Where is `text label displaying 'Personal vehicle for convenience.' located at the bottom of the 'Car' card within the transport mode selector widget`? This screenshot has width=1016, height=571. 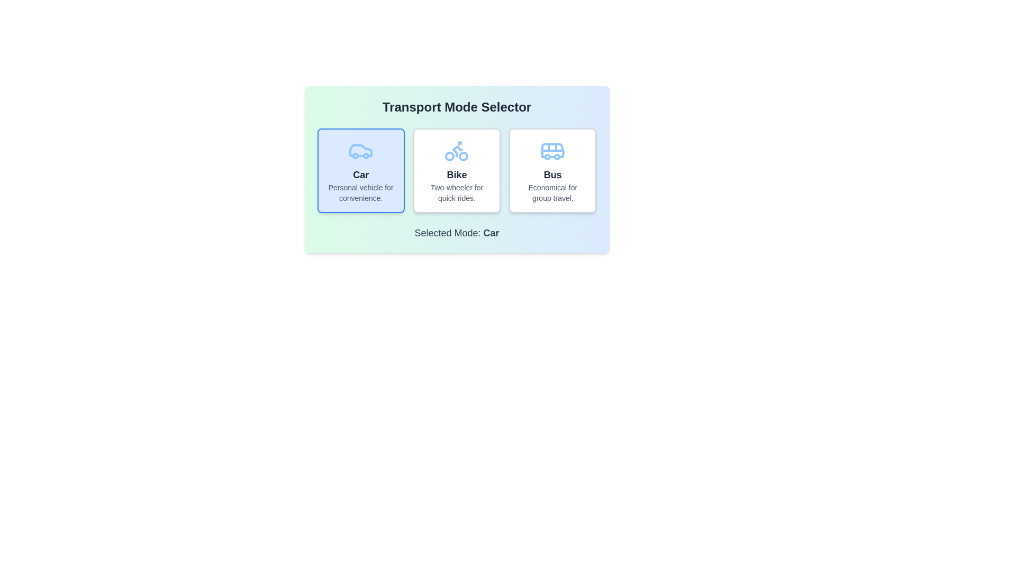 text label displaying 'Personal vehicle for convenience.' located at the bottom of the 'Car' card within the transport mode selector widget is located at coordinates (361, 193).